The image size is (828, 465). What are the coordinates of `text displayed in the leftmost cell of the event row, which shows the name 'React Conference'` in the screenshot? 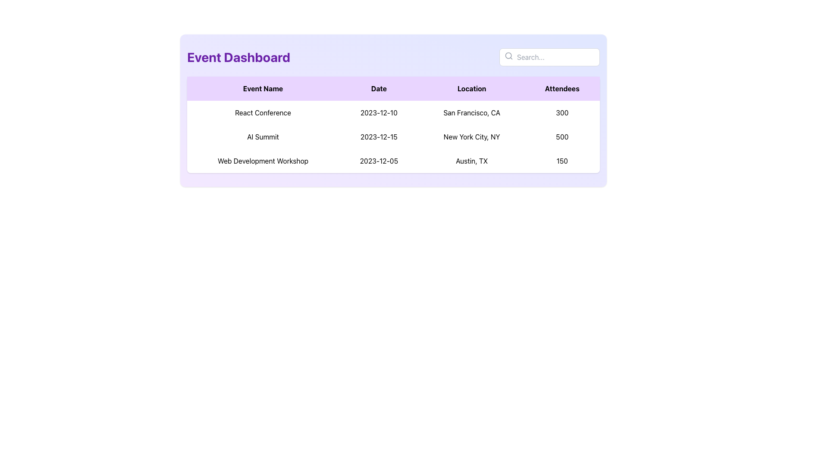 It's located at (262, 112).